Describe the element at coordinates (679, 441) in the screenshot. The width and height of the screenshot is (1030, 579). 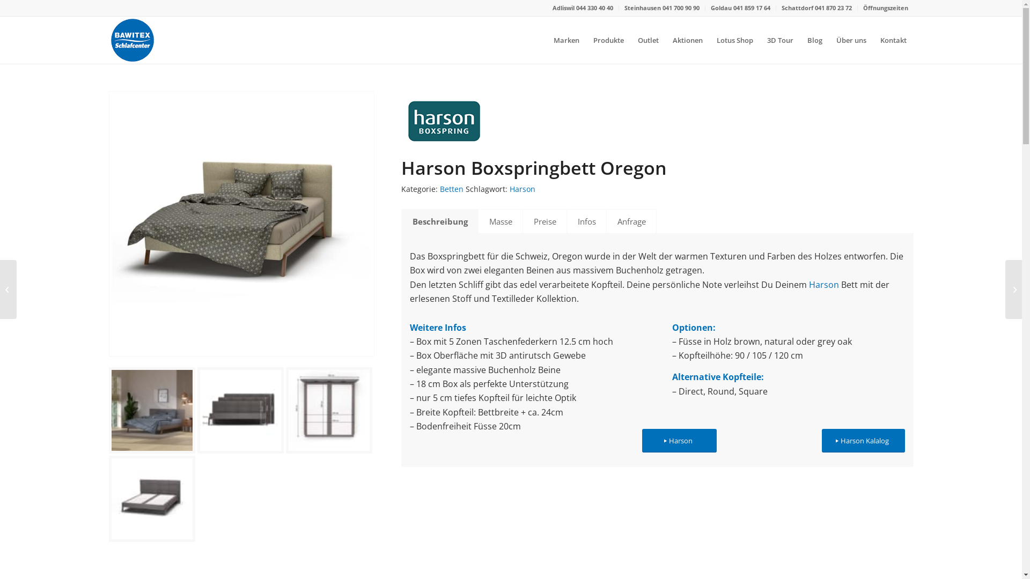
I see `'Harson'` at that location.